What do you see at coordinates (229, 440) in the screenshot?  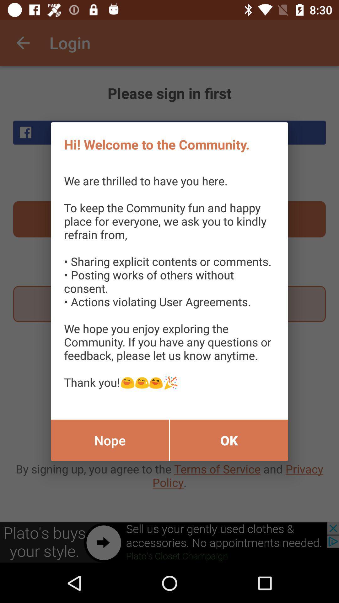 I see `the icon at the bottom right corner` at bounding box center [229, 440].